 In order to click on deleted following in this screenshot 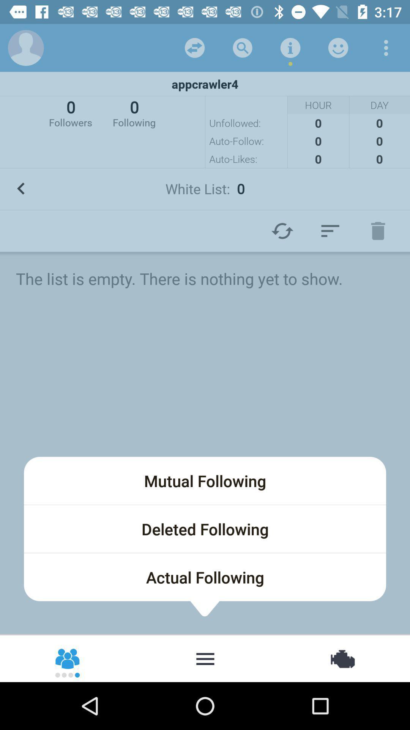, I will do `click(205, 528)`.